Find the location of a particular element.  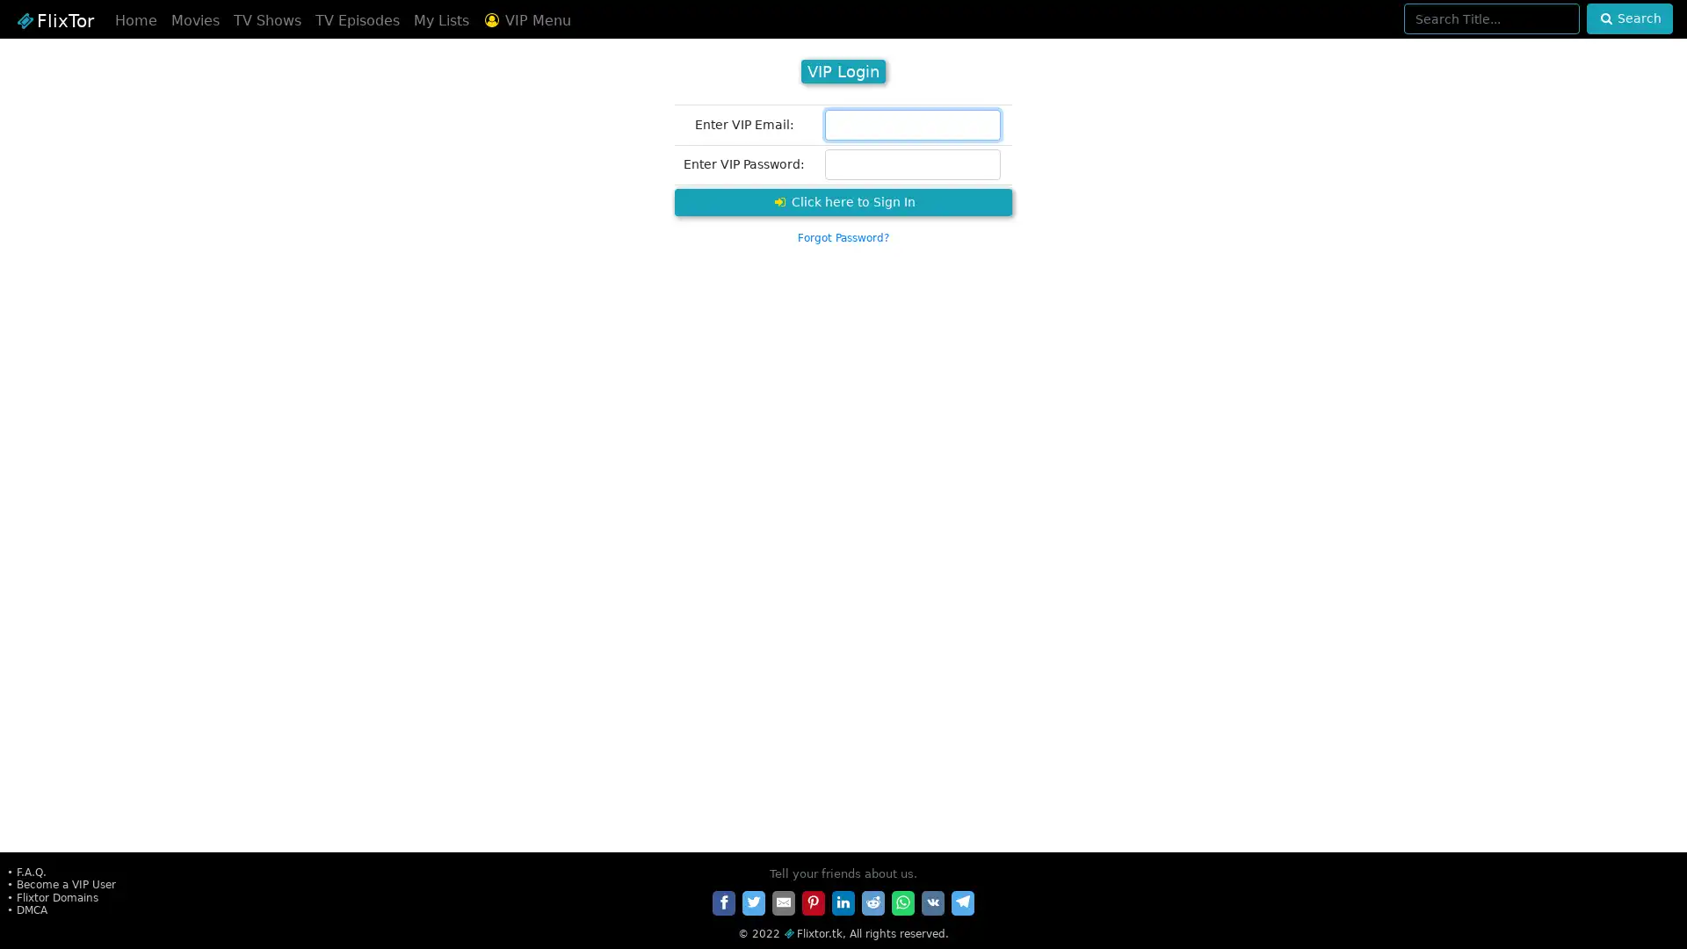

Click here to Sign In is located at coordinates (843, 201).